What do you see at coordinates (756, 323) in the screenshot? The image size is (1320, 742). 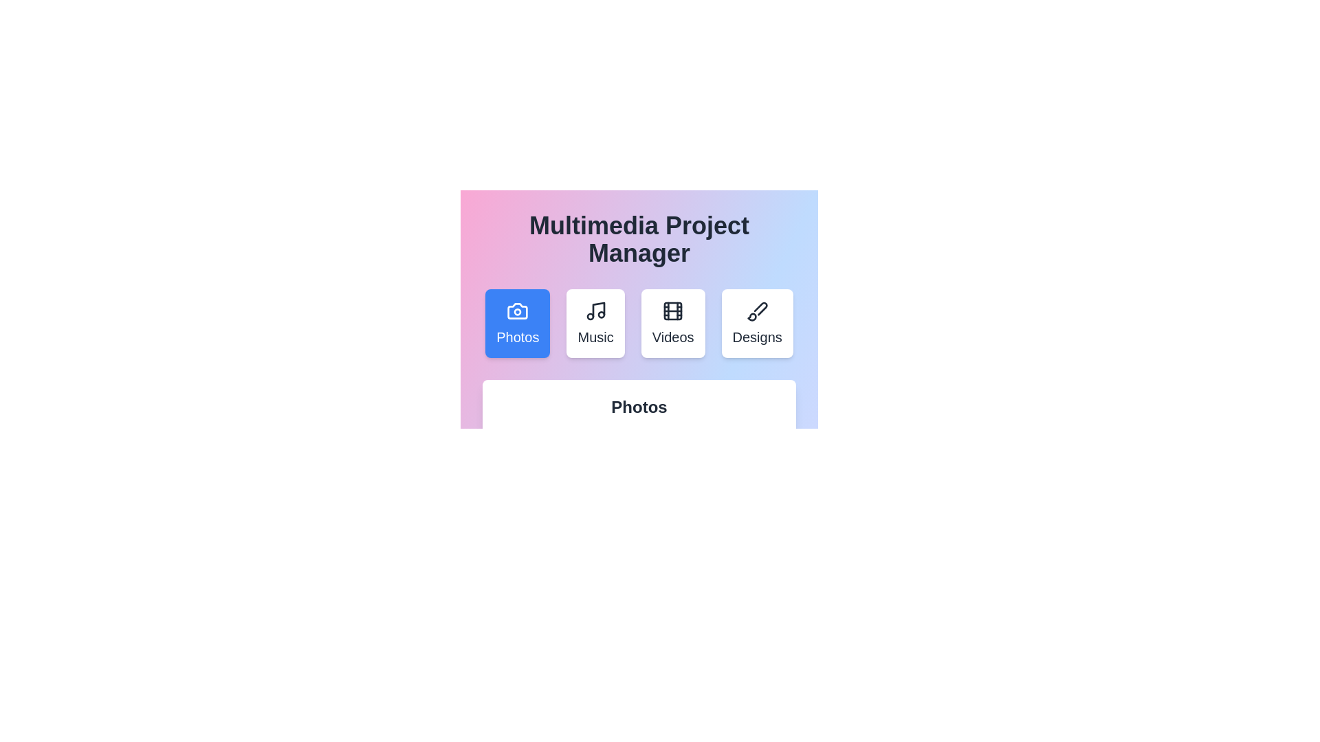 I see `the tab labeled Designs to view its content` at bounding box center [756, 323].